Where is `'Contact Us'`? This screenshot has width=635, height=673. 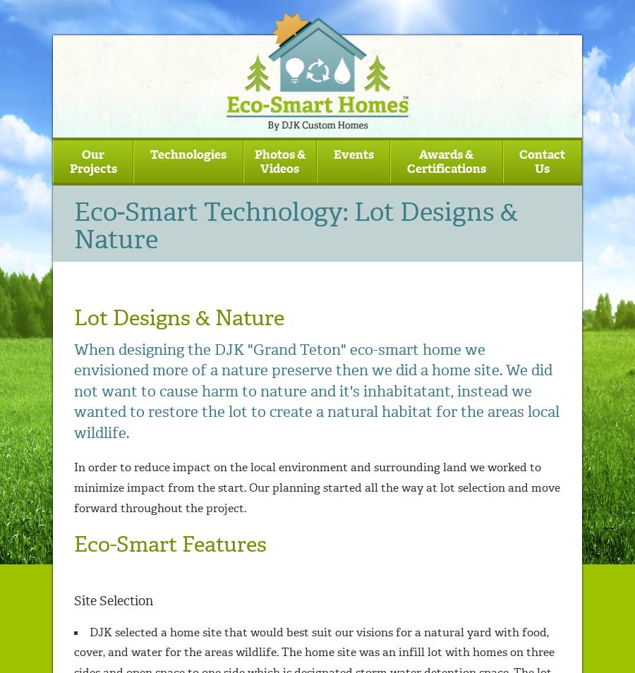
'Contact Us' is located at coordinates (541, 160).